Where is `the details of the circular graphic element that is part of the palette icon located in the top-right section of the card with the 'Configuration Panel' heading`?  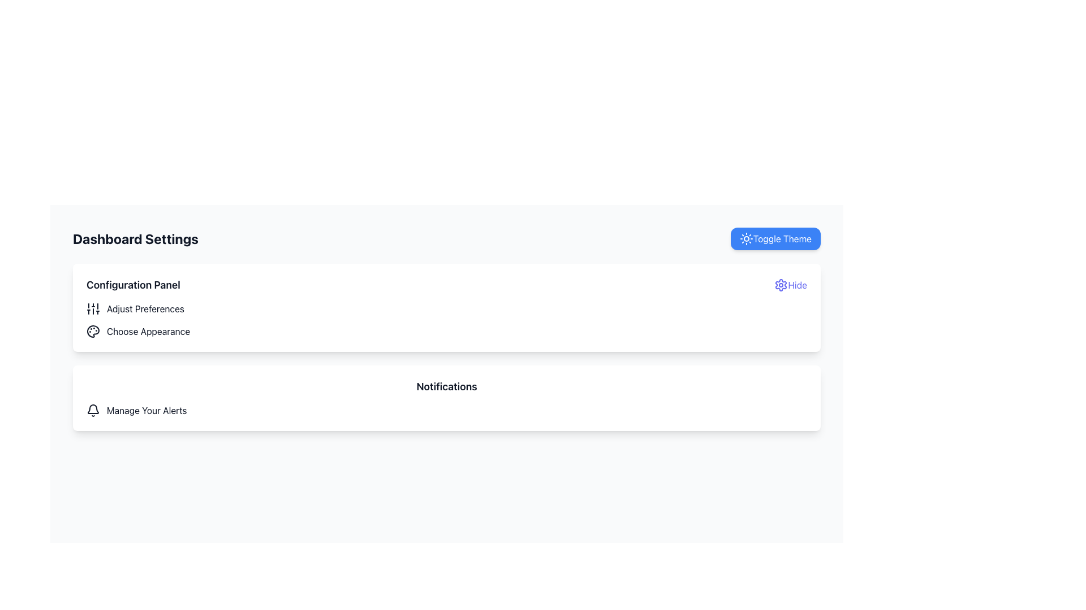 the details of the circular graphic element that is part of the palette icon located in the top-right section of the card with the 'Configuration Panel' heading is located at coordinates (93, 330).